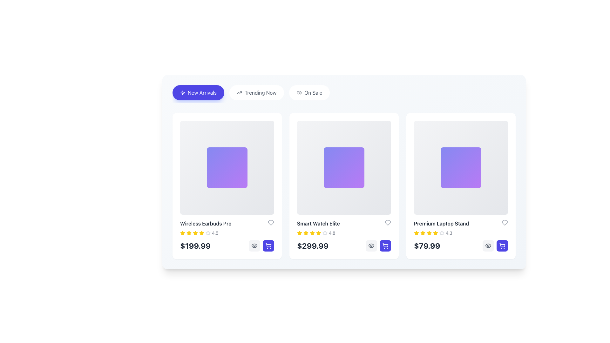 The image size is (610, 343). What do you see at coordinates (344, 167) in the screenshot?
I see `the decorative background element of the 'Smart Watch Elite' product listing, which enhances its visual appeal with a vivid gradient background` at bounding box center [344, 167].